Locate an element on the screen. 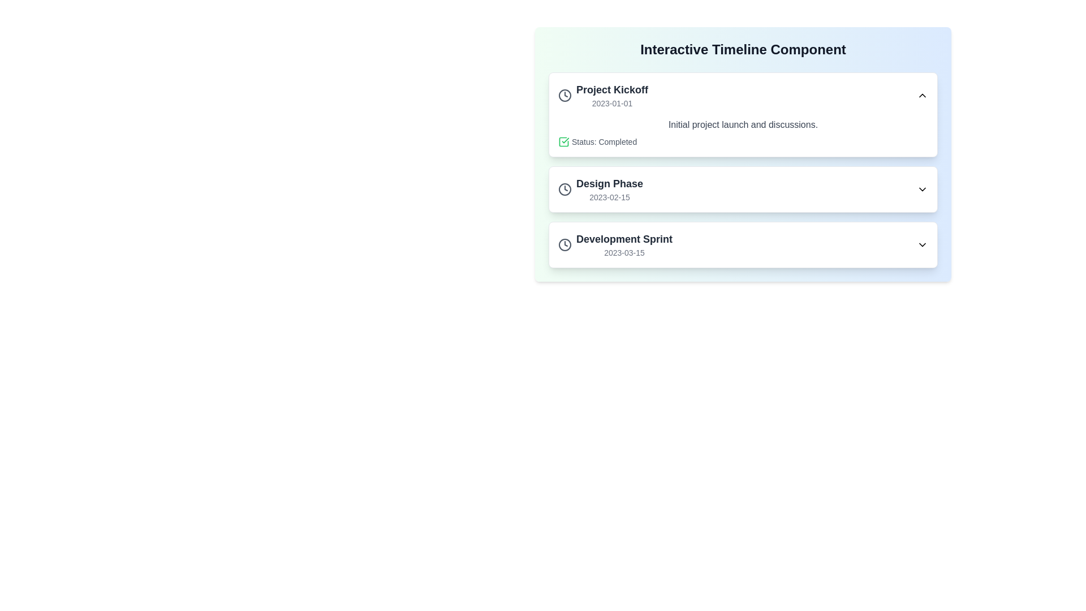 This screenshot has width=1086, height=611. the static text element reading 'Initial project launch and discussions.' which is positioned under the 'Project Kickoff' section in the timeline view is located at coordinates (743, 124).